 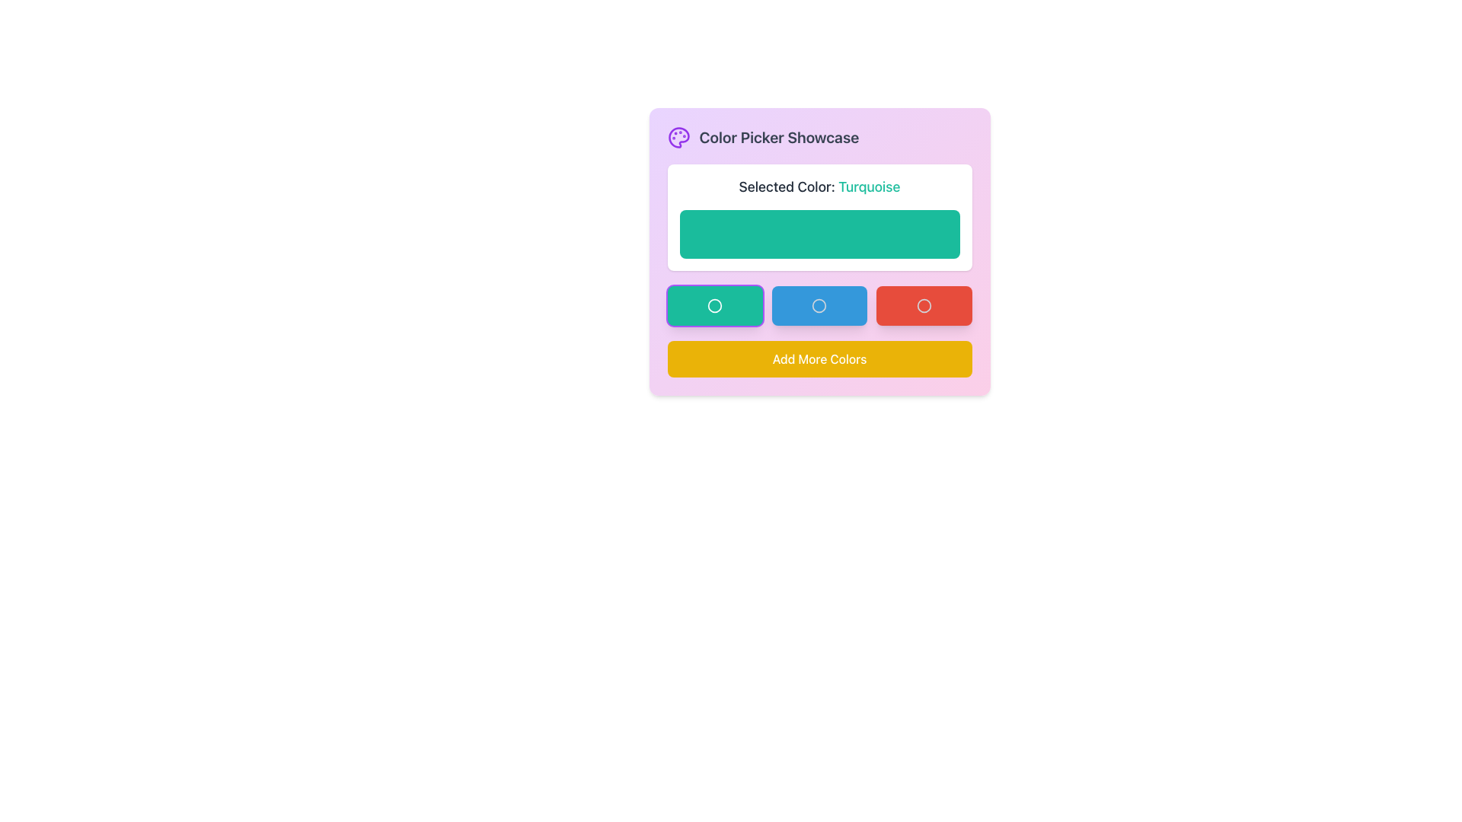 What do you see at coordinates (819, 305) in the screenshot?
I see `the blue color indicator circle in the second row of the color picker interface` at bounding box center [819, 305].